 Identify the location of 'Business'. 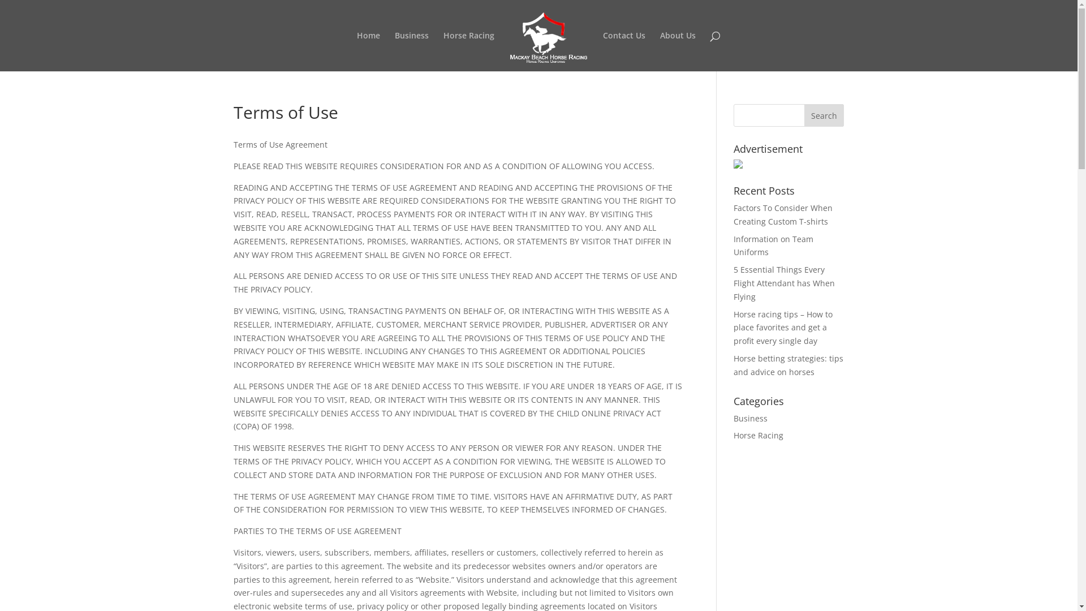
(750, 418).